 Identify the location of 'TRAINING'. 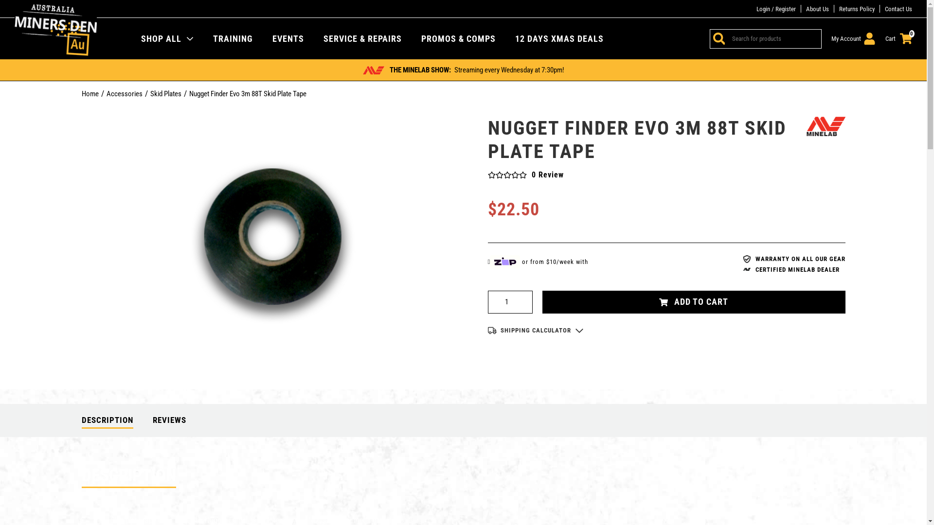
(212, 37).